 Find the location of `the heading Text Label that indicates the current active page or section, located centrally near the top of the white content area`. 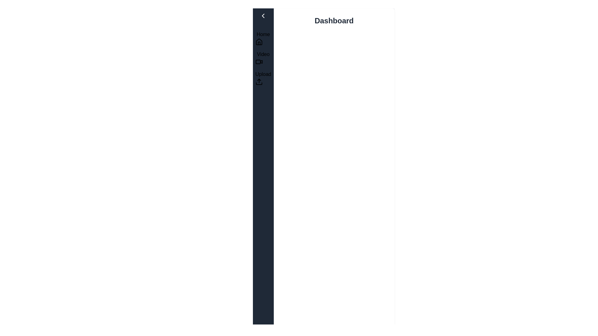

the heading Text Label that indicates the current active page or section, located centrally near the top of the white content area is located at coordinates (334, 20).